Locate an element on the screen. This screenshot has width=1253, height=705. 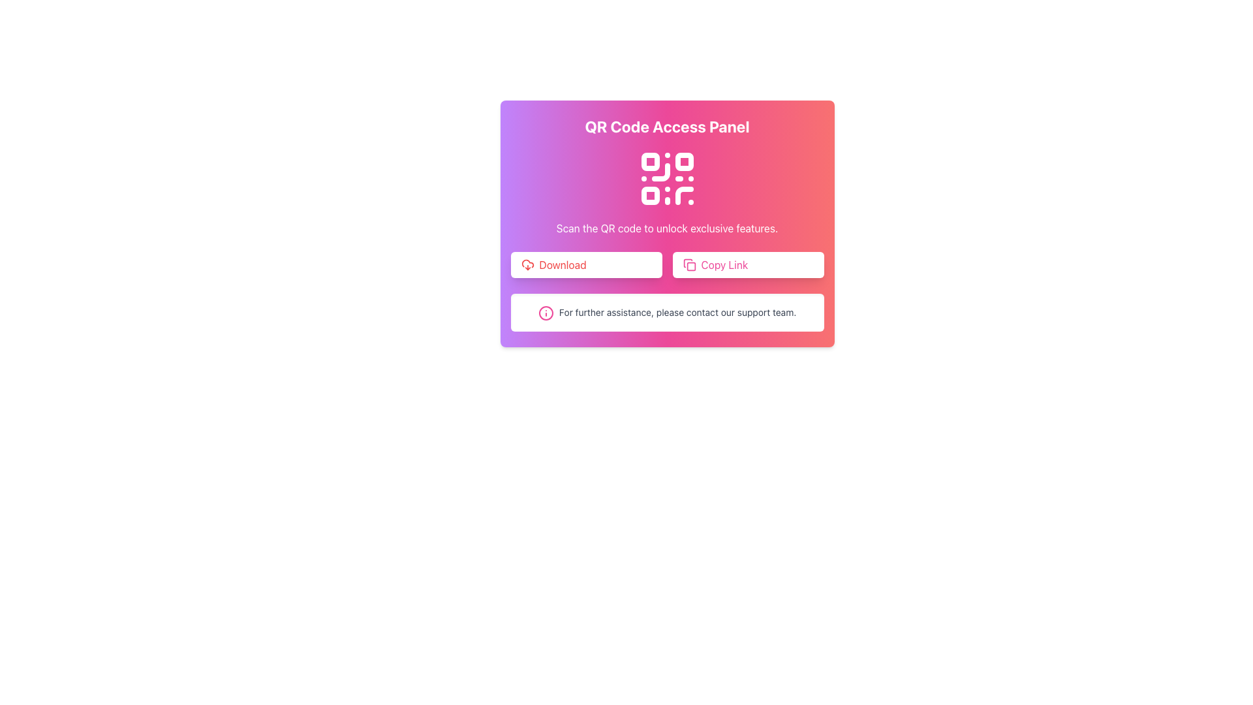
the button located to the right of the 'Download' button under the QR Code Access Panel to copy the link to the clipboard is located at coordinates (748, 264).